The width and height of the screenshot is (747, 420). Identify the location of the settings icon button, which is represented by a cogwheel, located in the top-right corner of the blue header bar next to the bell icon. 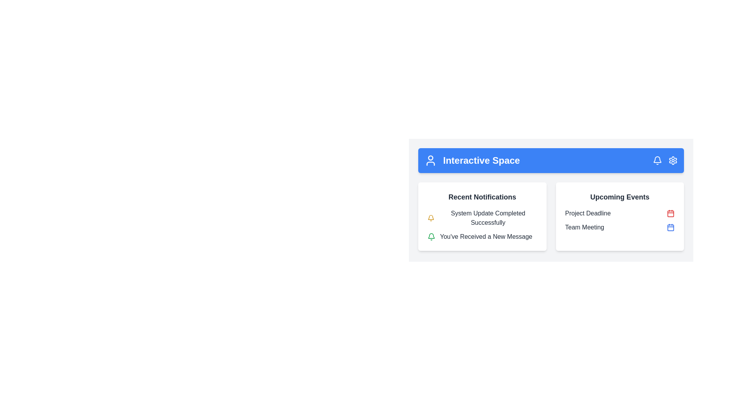
(672, 160).